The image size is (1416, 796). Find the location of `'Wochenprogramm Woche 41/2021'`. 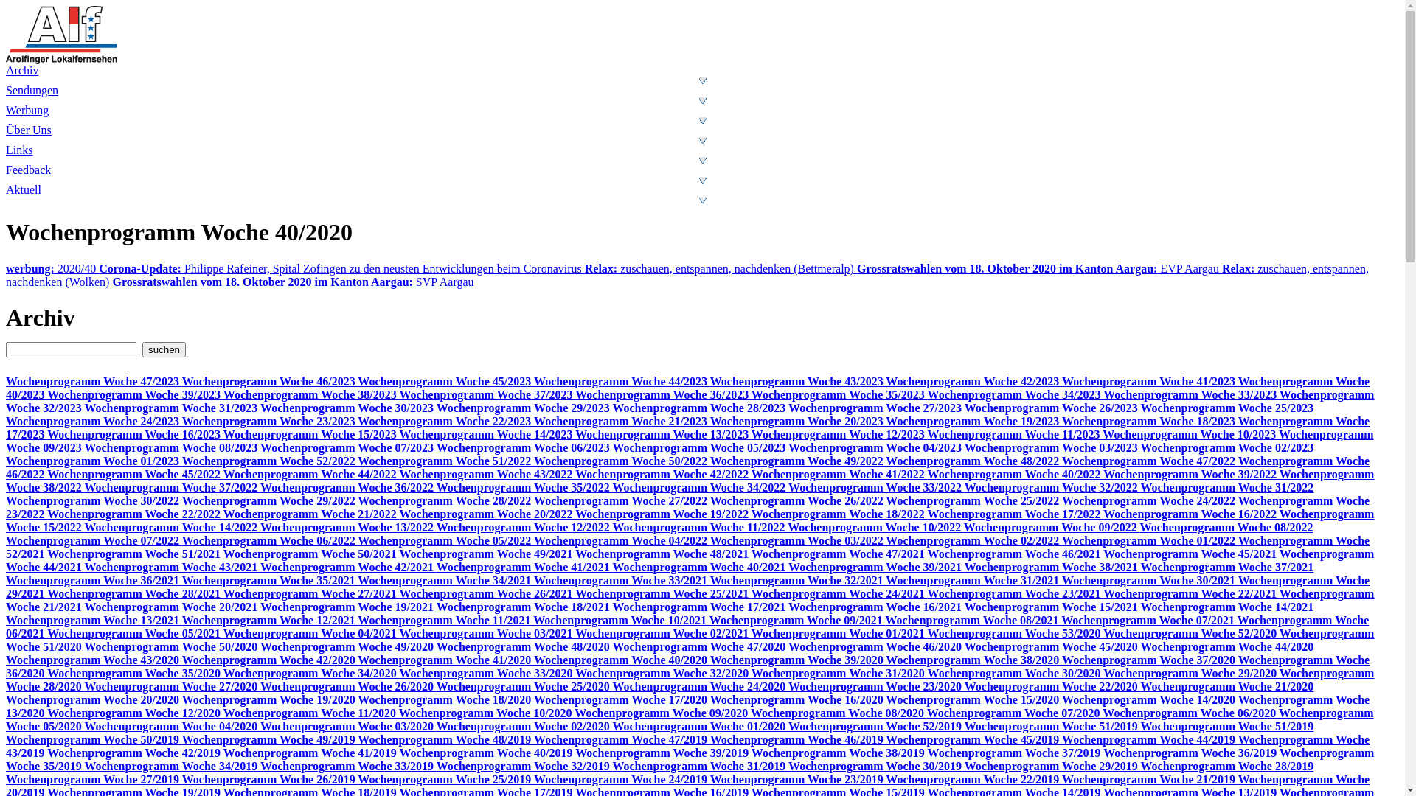

'Wochenprogramm Woche 41/2021' is located at coordinates (524, 566).